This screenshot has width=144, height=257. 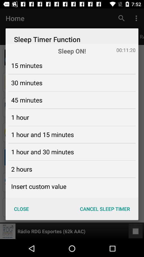 I want to click on 45 minutes icon, so click(x=26, y=100).